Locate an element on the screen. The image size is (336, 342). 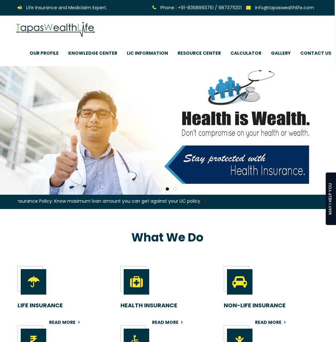
'Important Forms' is located at coordinates (179, 73).